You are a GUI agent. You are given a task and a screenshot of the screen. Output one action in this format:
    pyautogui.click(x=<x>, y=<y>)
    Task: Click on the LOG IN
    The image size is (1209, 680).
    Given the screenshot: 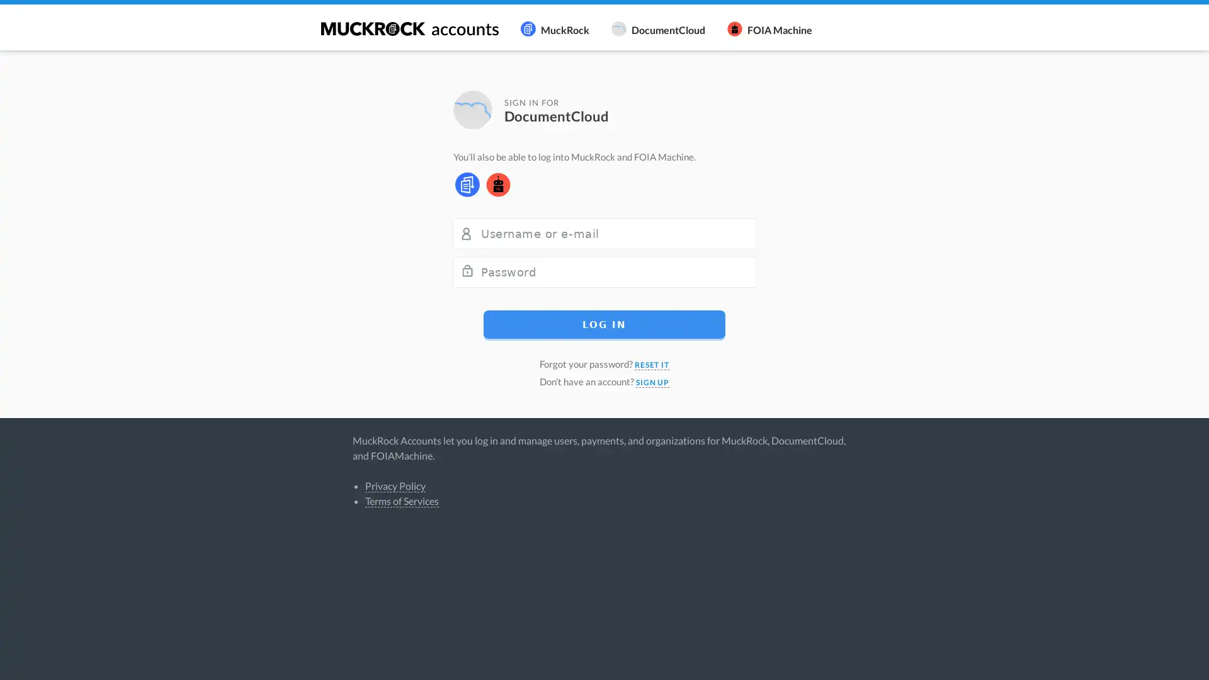 What is the action you would take?
    pyautogui.click(x=604, y=323)
    